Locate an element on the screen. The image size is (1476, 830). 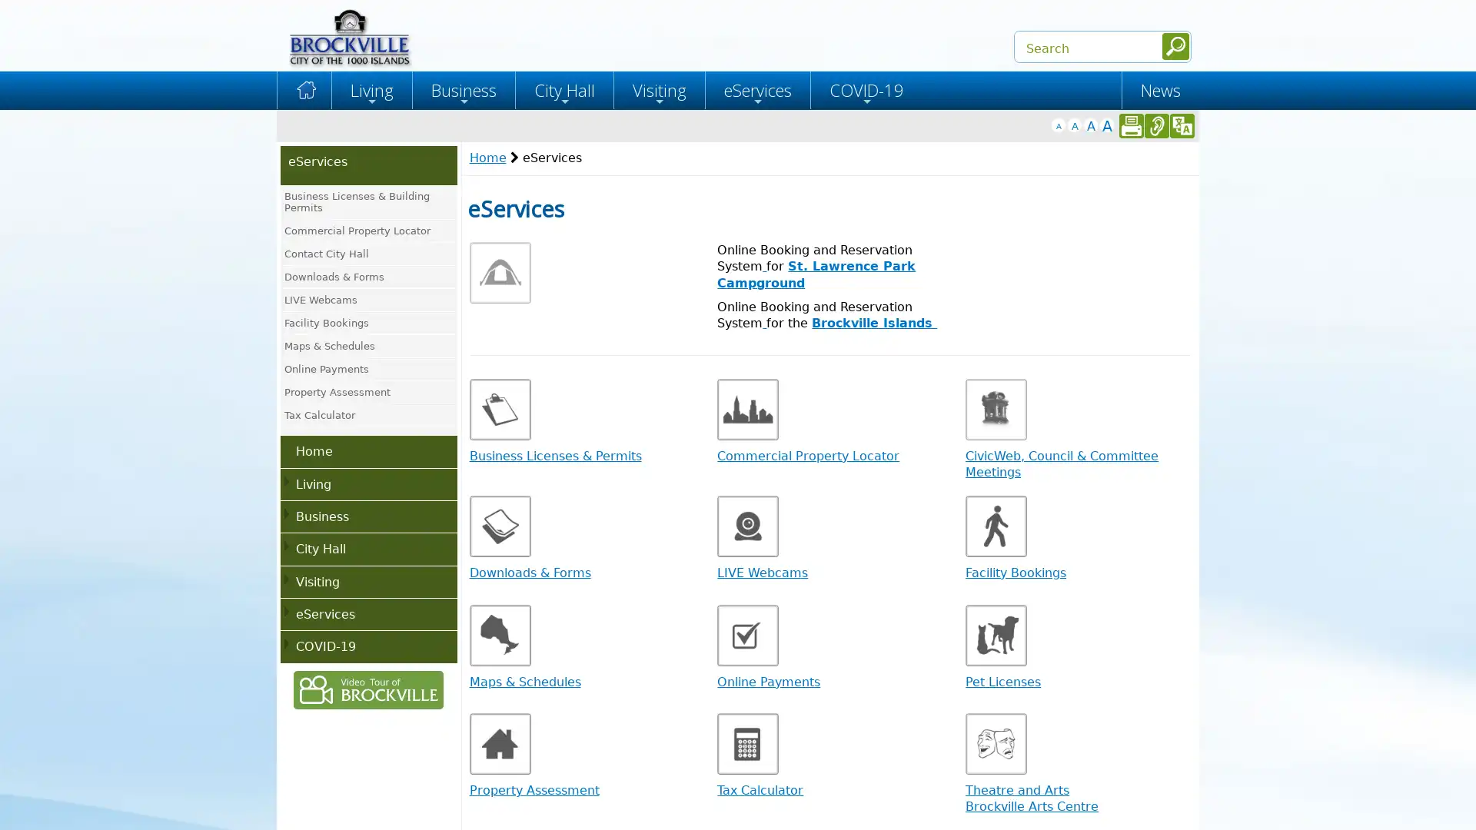
Click to search is located at coordinates (1175, 45).